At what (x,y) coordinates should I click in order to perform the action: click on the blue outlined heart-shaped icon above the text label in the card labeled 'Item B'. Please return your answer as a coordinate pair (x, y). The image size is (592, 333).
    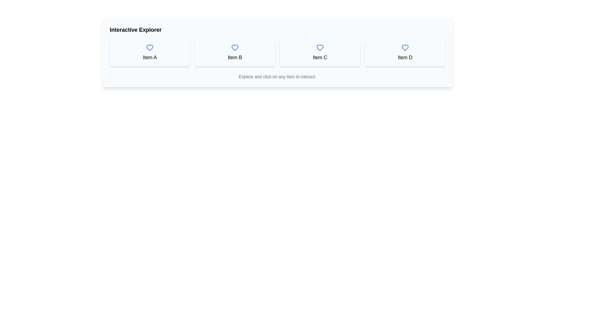
    Looking at the image, I should click on (235, 47).